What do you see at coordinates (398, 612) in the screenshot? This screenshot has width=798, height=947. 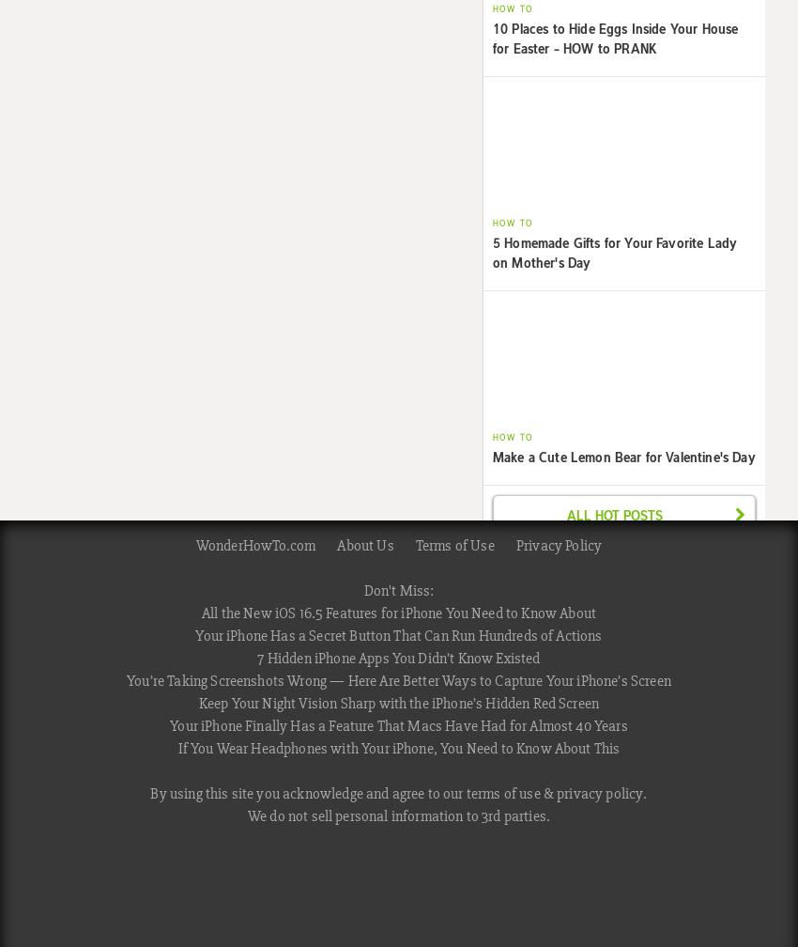 I see `'All the New iOS 16.5 Features for iPhone You Need to Know About'` at bounding box center [398, 612].